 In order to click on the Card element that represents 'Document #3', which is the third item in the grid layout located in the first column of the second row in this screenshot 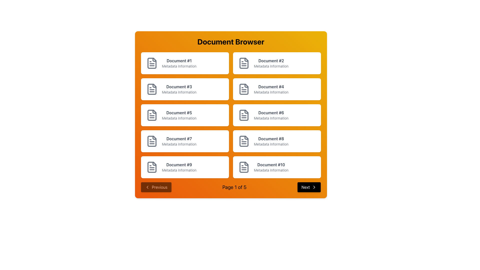, I will do `click(184, 89)`.